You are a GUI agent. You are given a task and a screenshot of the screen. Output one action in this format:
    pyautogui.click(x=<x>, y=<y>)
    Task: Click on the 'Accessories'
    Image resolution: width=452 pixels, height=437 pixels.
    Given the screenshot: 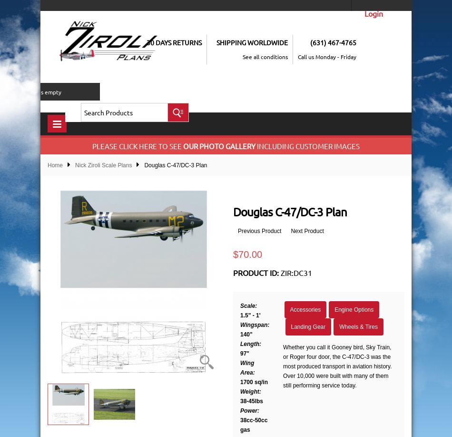 What is the action you would take?
    pyautogui.click(x=305, y=309)
    